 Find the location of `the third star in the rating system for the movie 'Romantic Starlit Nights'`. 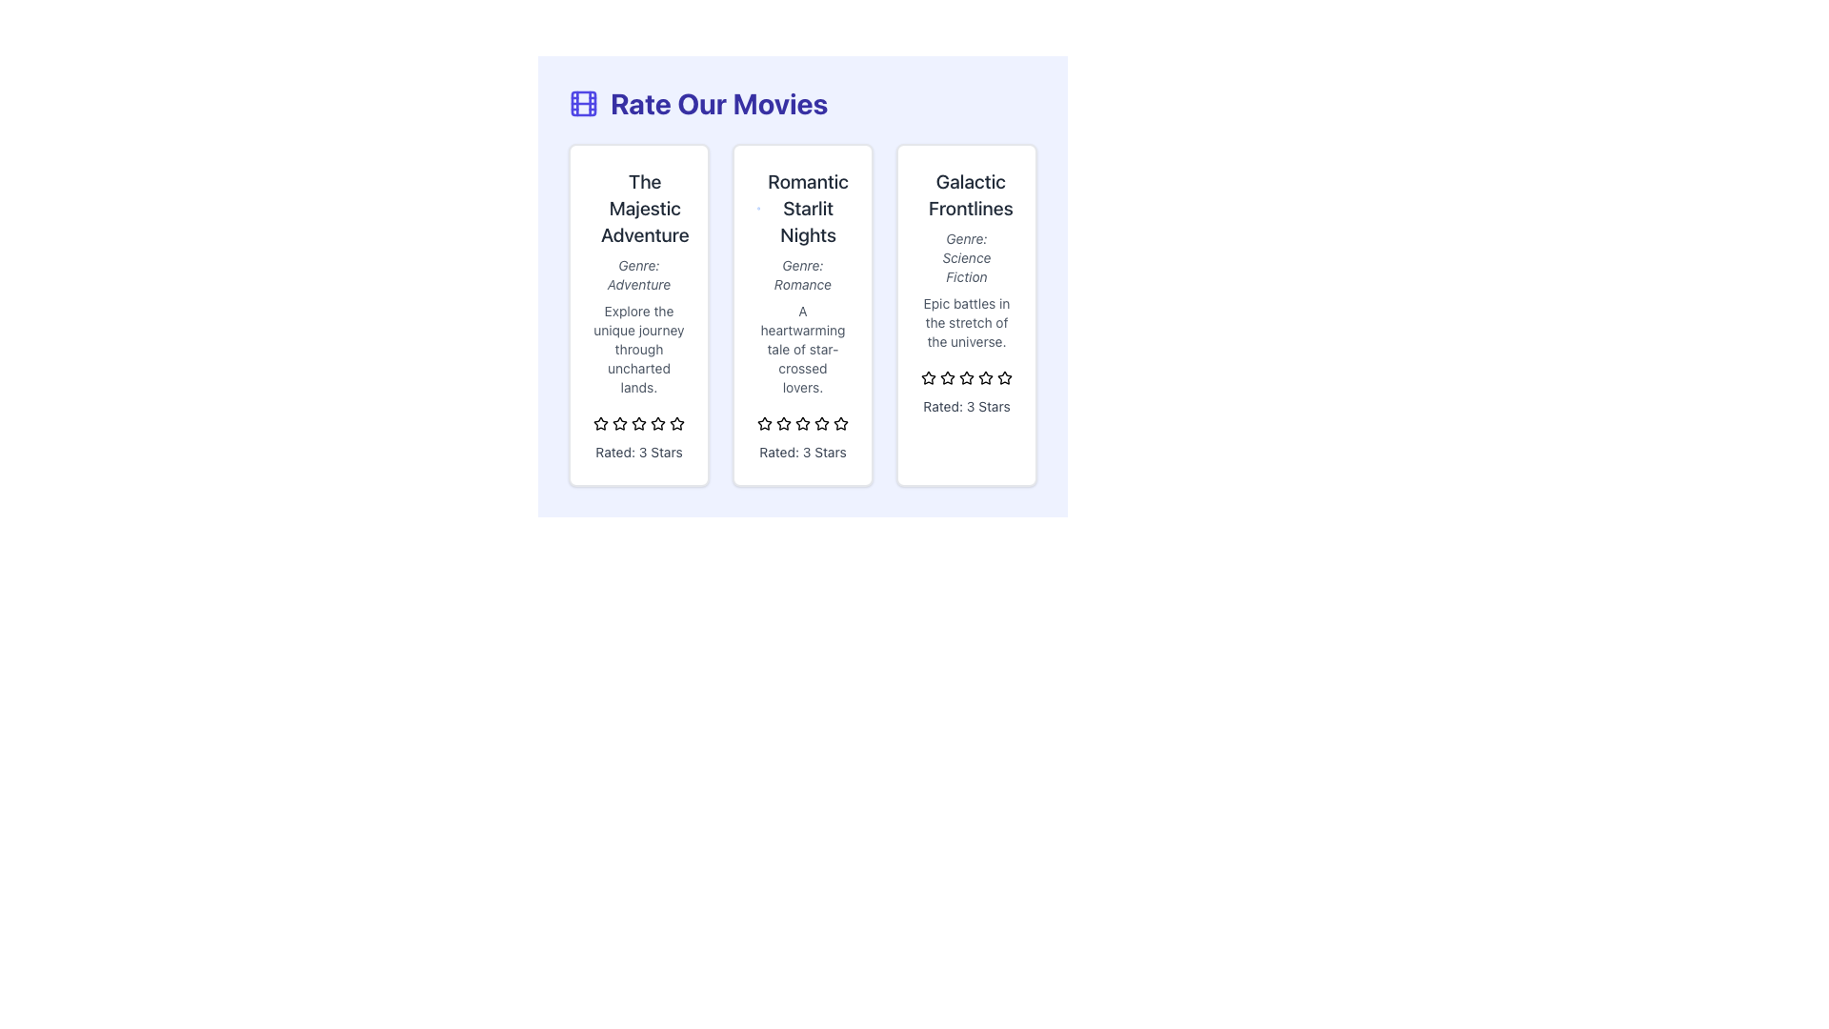

the third star in the rating system for the movie 'Romantic Starlit Nights' is located at coordinates (783, 422).